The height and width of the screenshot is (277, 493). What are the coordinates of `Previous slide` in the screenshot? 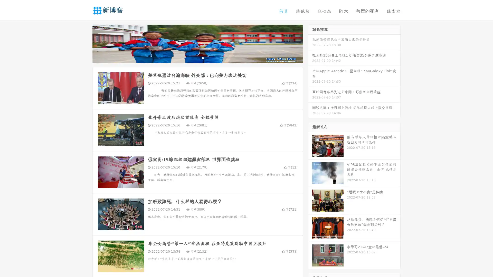 It's located at (85, 43).